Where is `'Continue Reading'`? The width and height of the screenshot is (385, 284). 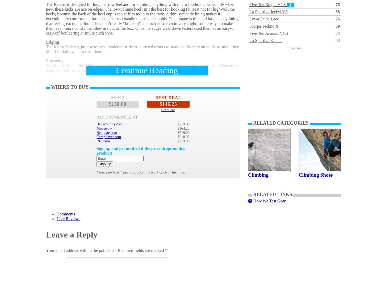 'Continue Reading' is located at coordinates (147, 70).